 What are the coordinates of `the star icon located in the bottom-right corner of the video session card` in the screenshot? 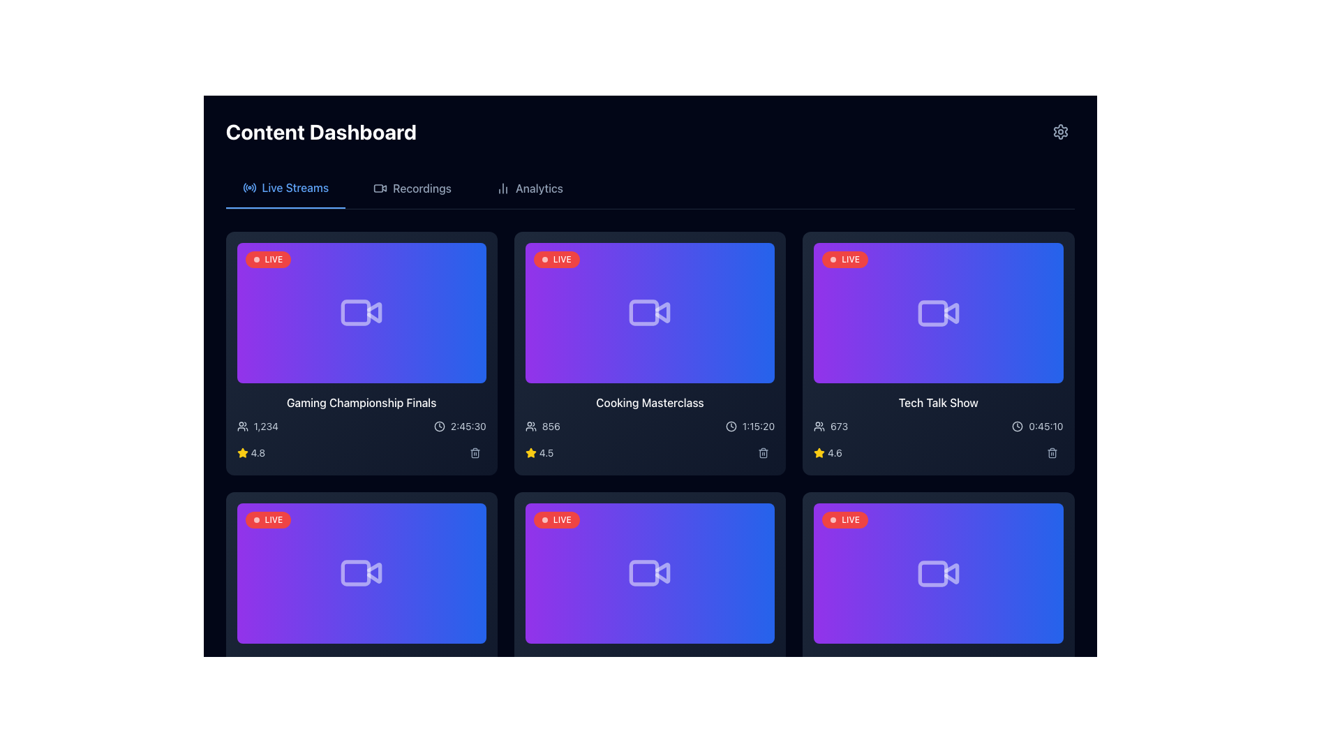 It's located at (242, 452).